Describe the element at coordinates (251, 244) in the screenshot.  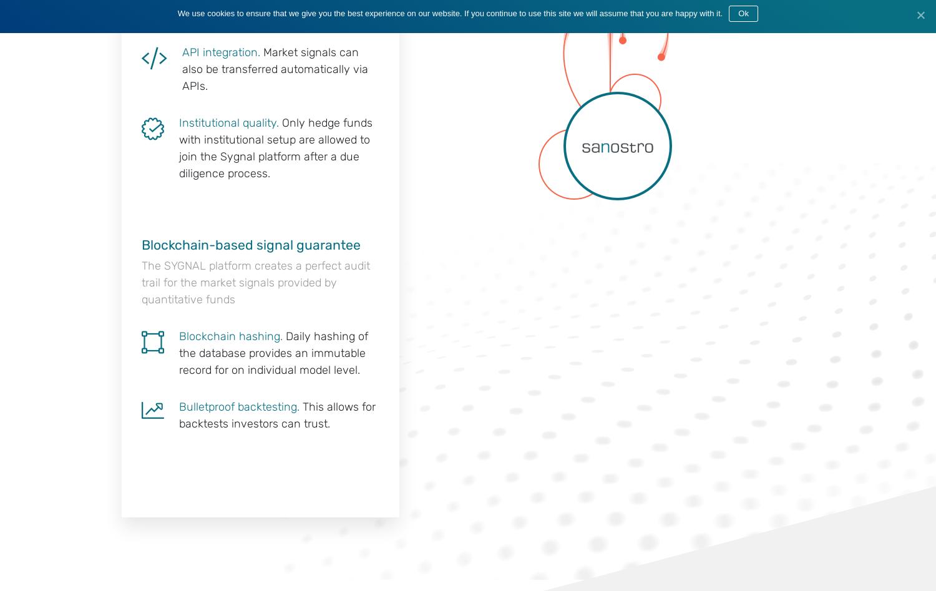
I see `'Blockchain-based signal guarantee'` at that location.